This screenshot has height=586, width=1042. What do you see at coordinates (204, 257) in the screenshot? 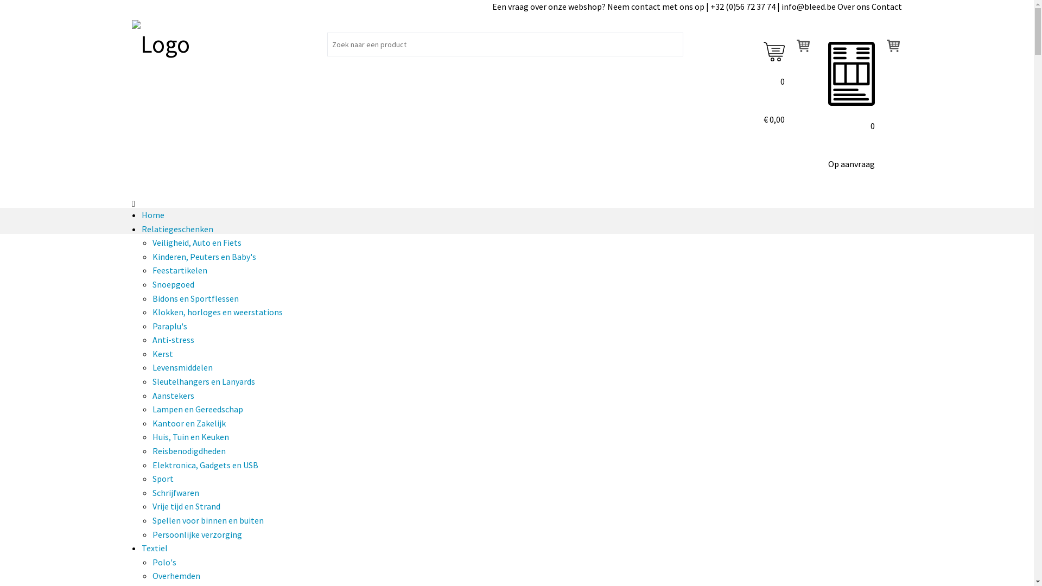
I see `'Kinderen, Peuters en Baby's'` at bounding box center [204, 257].